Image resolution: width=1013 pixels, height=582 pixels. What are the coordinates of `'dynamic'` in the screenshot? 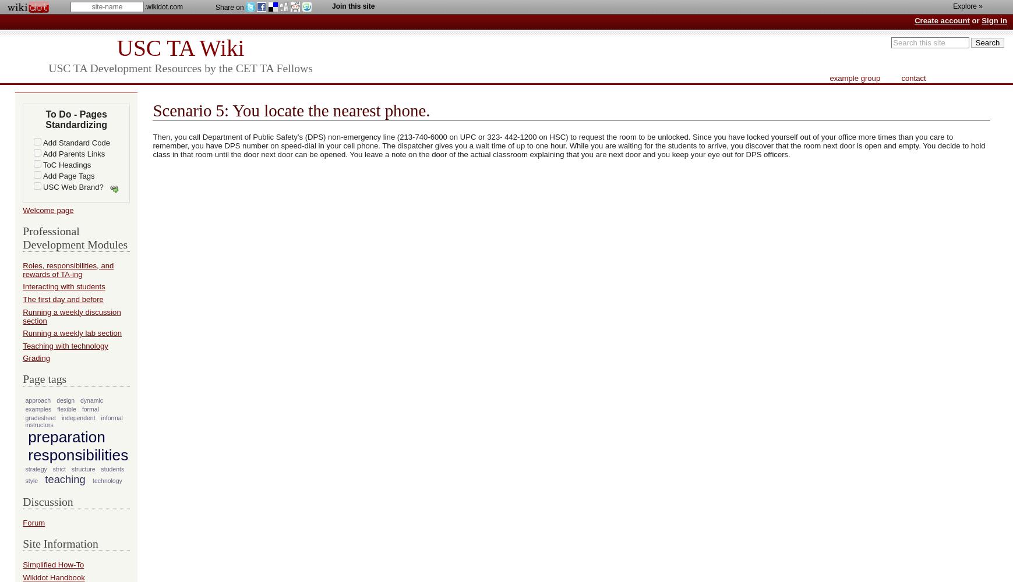 It's located at (91, 400).